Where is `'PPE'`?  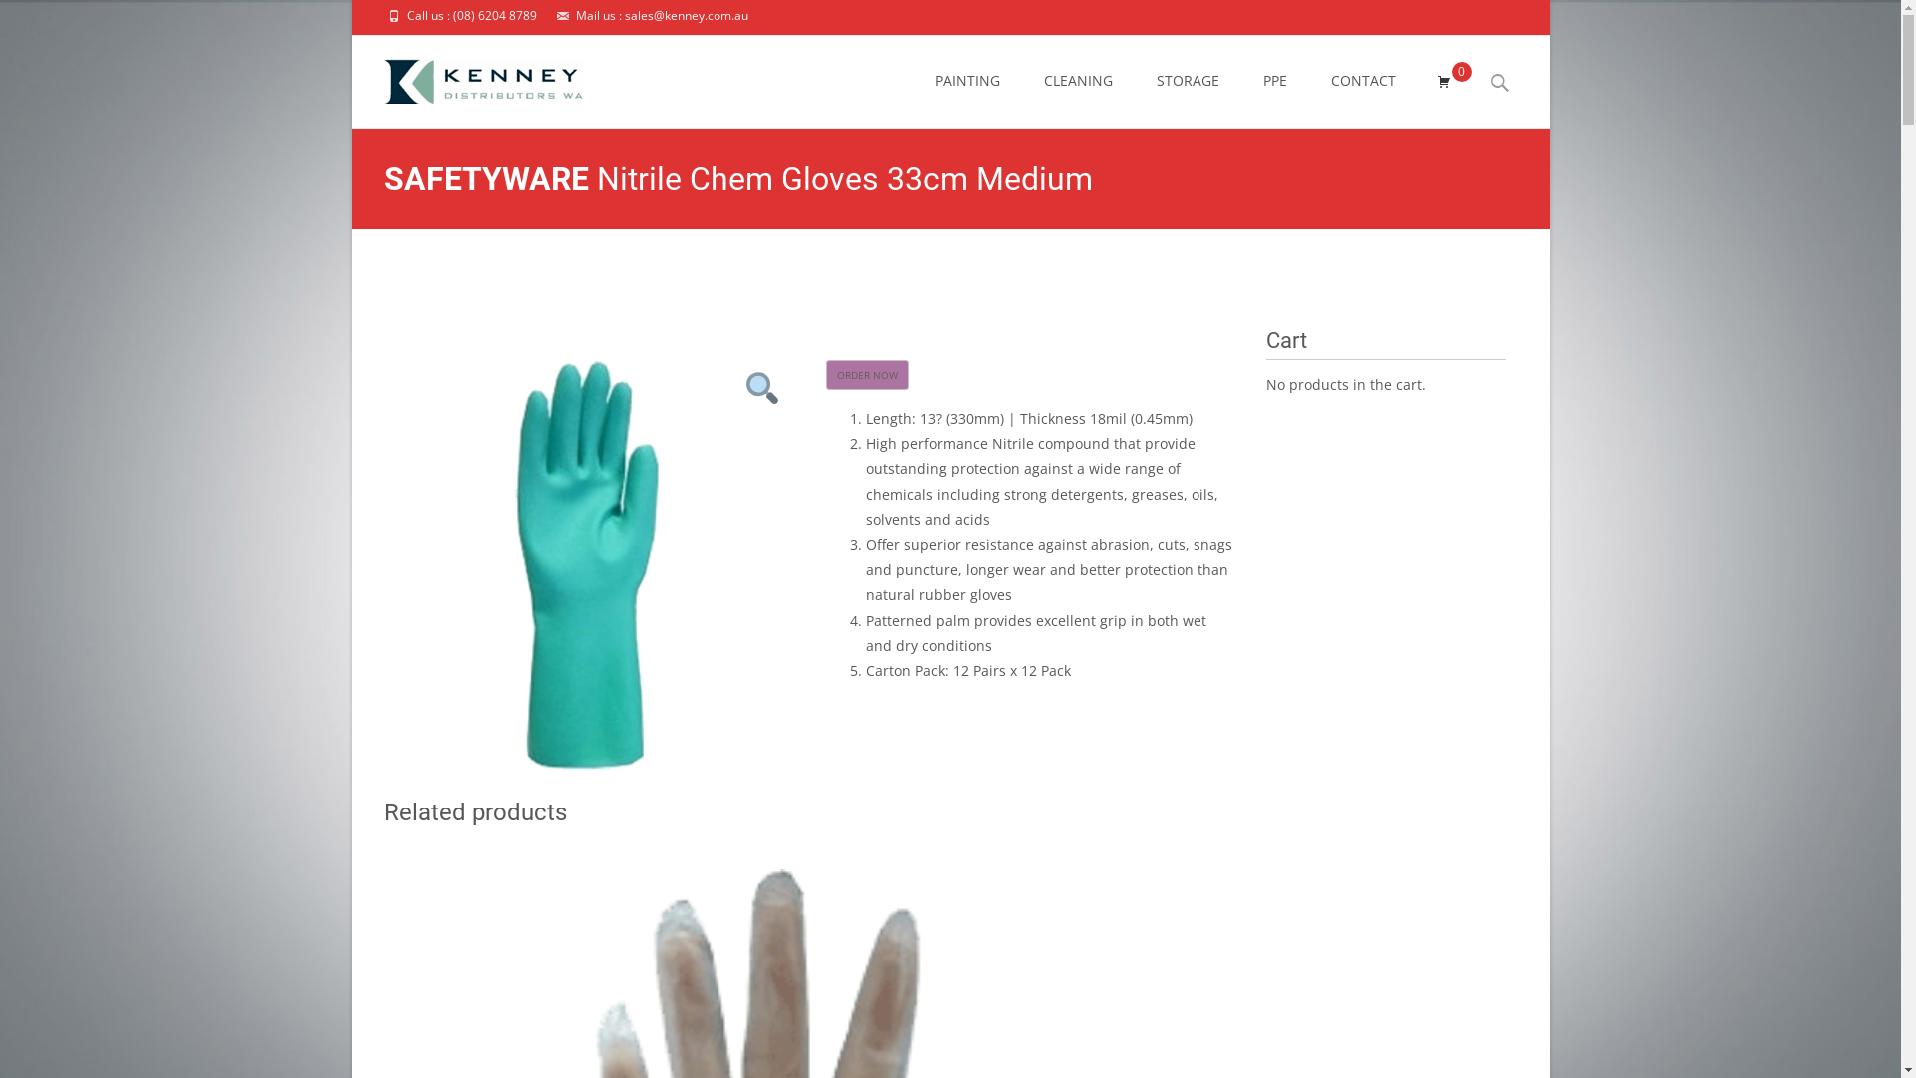 'PPE' is located at coordinates (1262, 80).